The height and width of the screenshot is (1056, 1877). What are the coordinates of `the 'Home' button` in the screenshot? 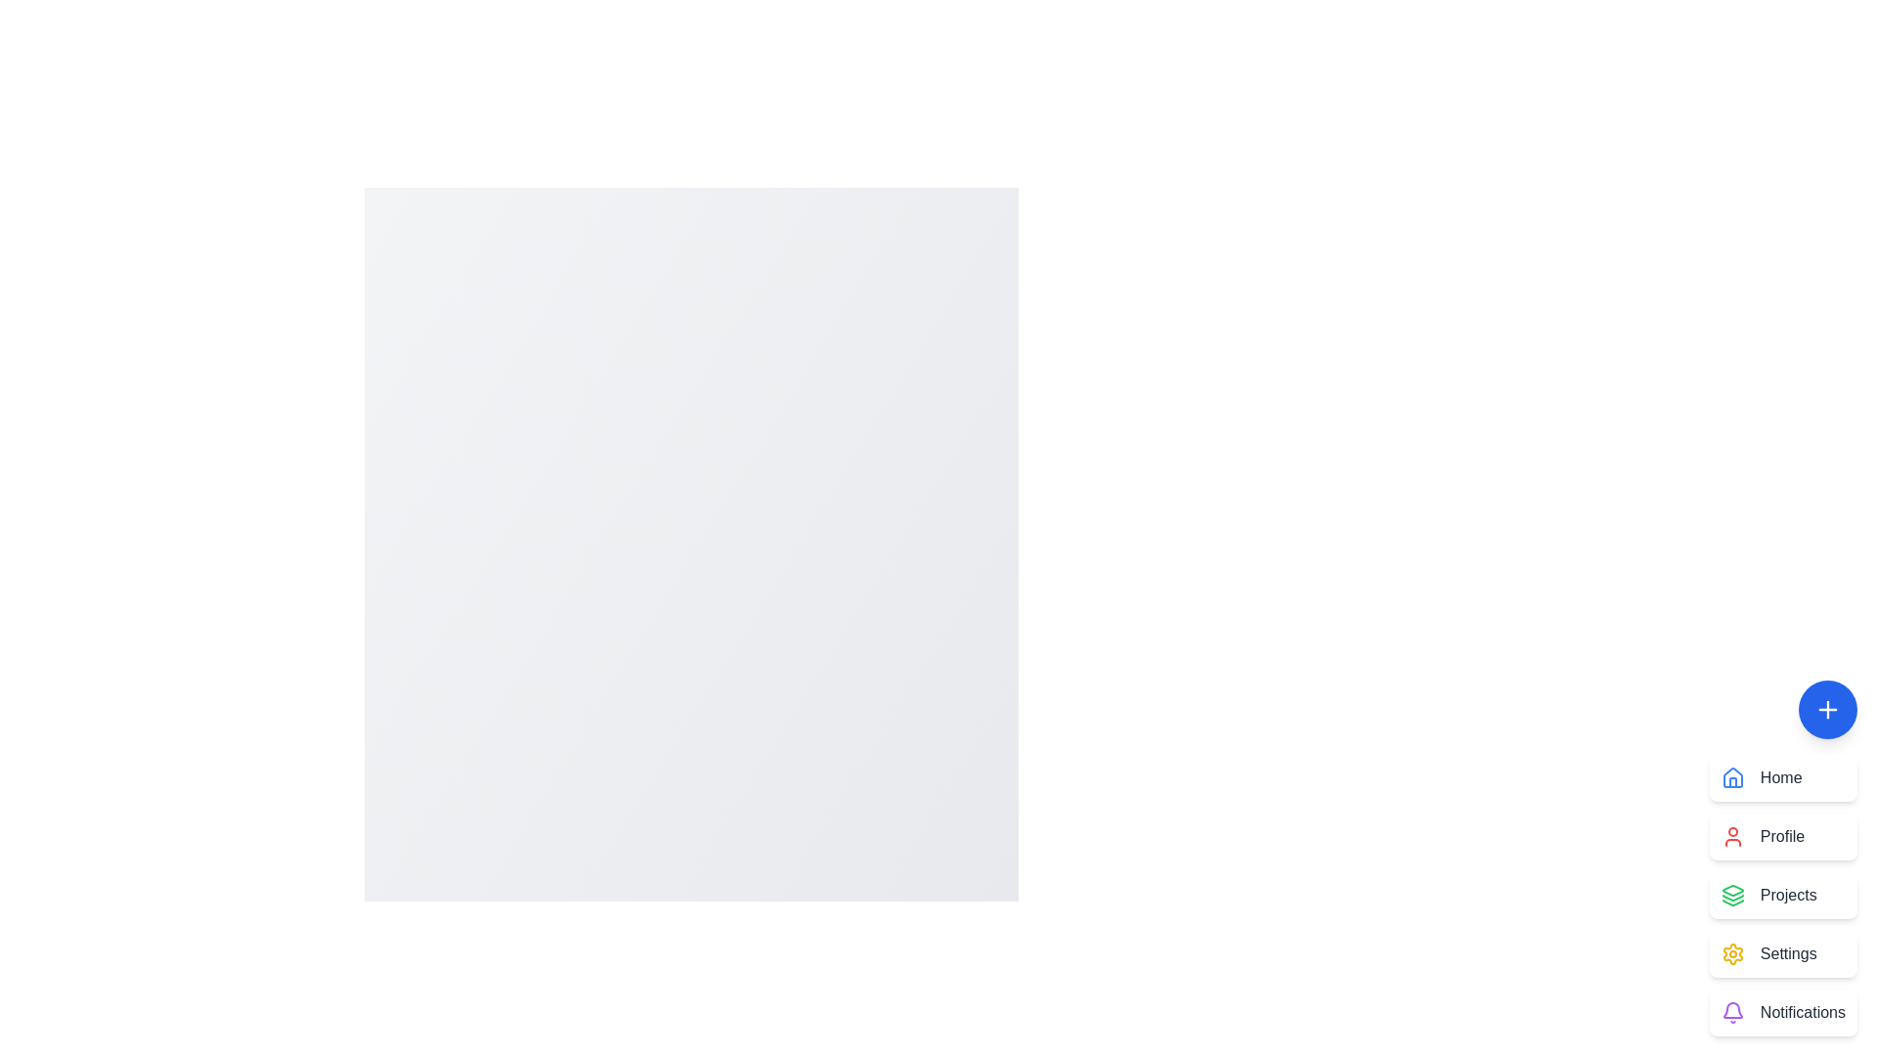 It's located at (1783, 776).